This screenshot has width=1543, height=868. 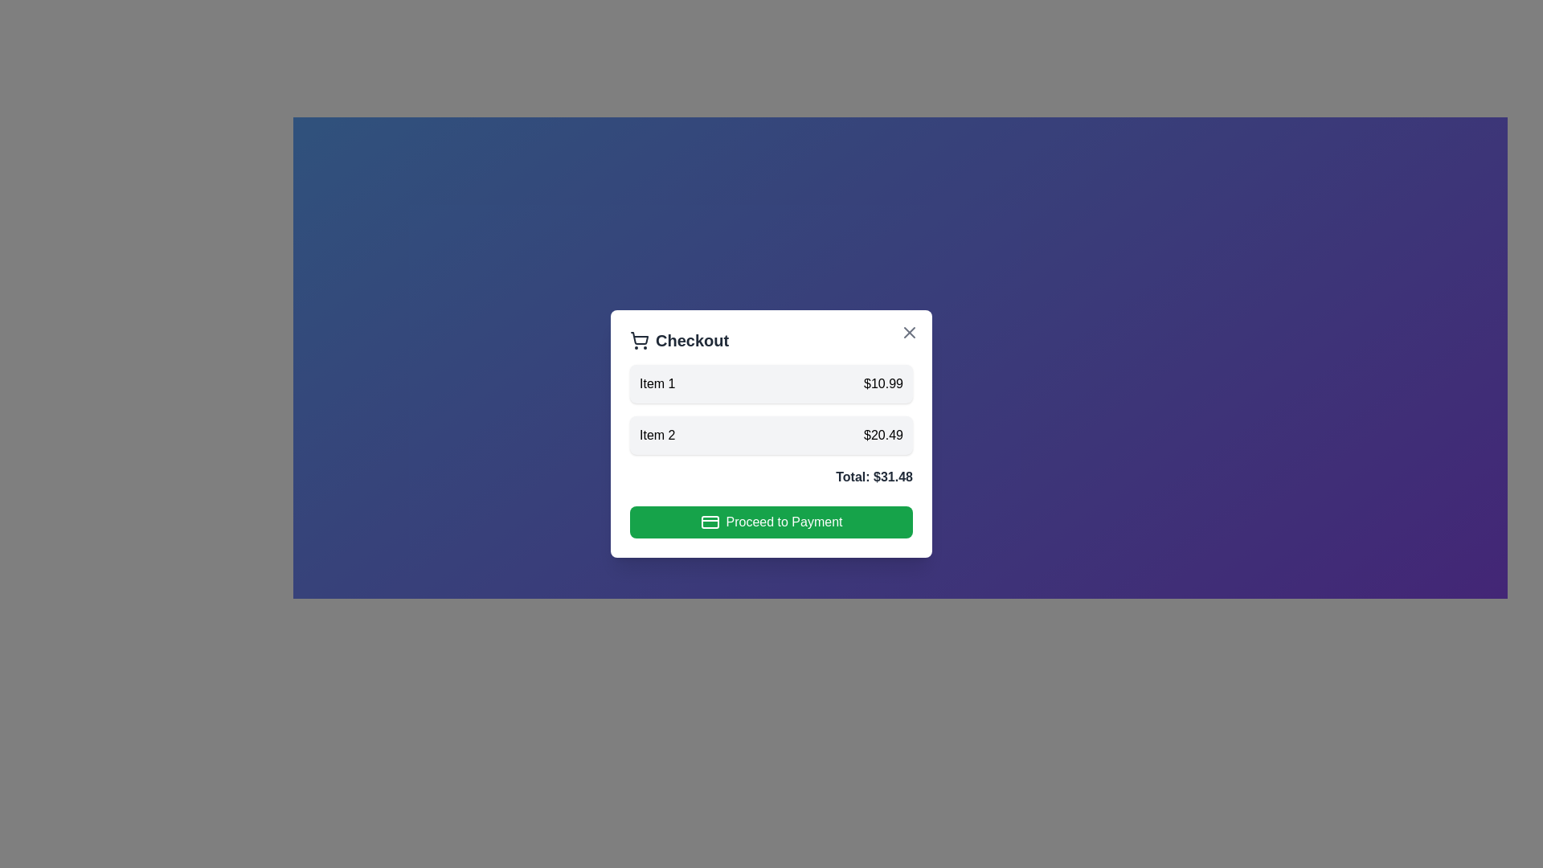 What do you see at coordinates (910, 331) in the screenshot?
I see `the close icon represented by a graphical X at the top-right corner of the 'Checkout' modal` at bounding box center [910, 331].